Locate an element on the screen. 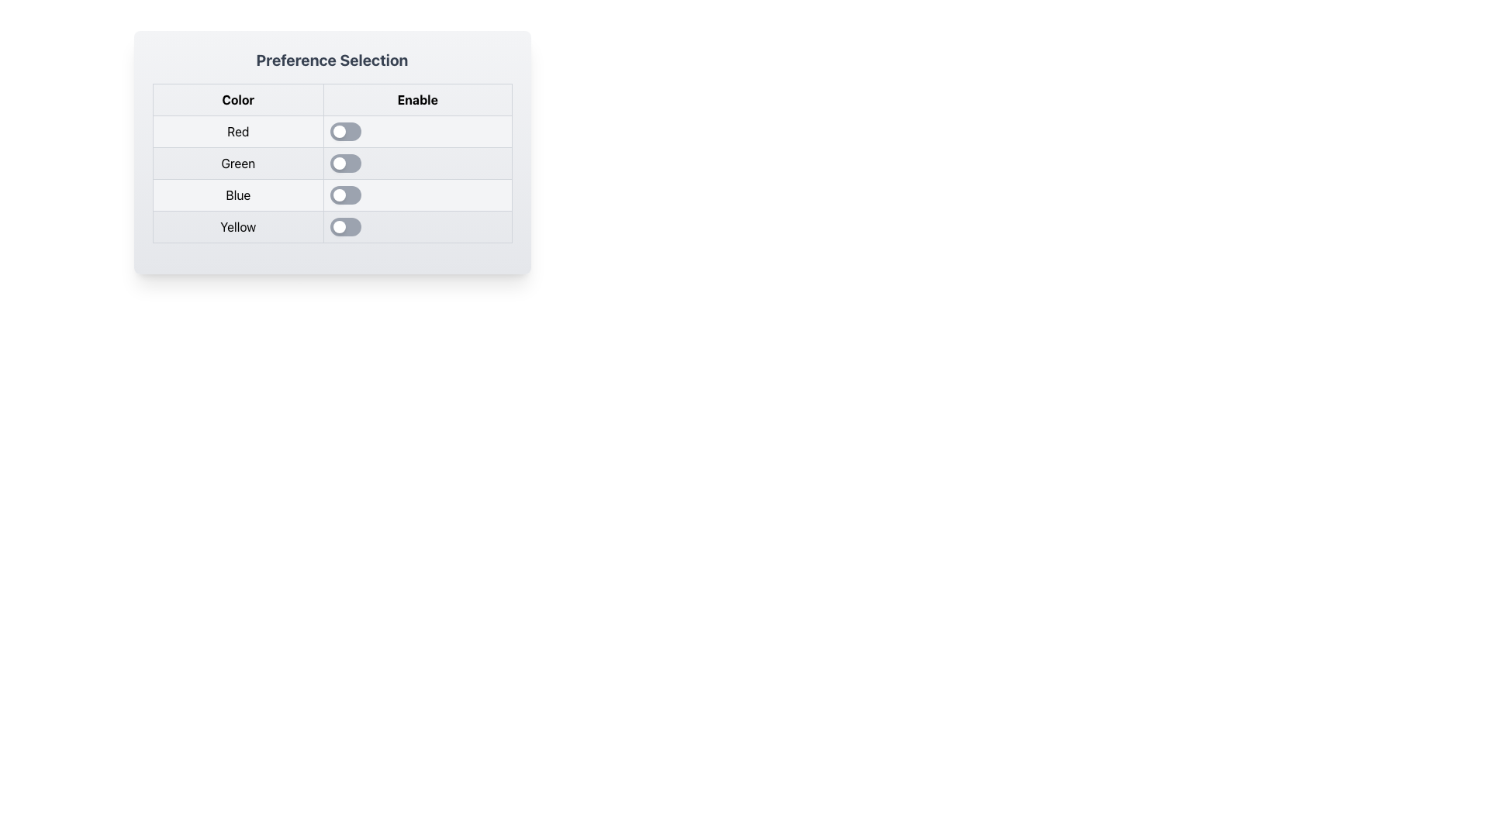  the toggle switch located in the 'Enable' column of the table under the 'Blue' row is located at coordinates (331, 191).